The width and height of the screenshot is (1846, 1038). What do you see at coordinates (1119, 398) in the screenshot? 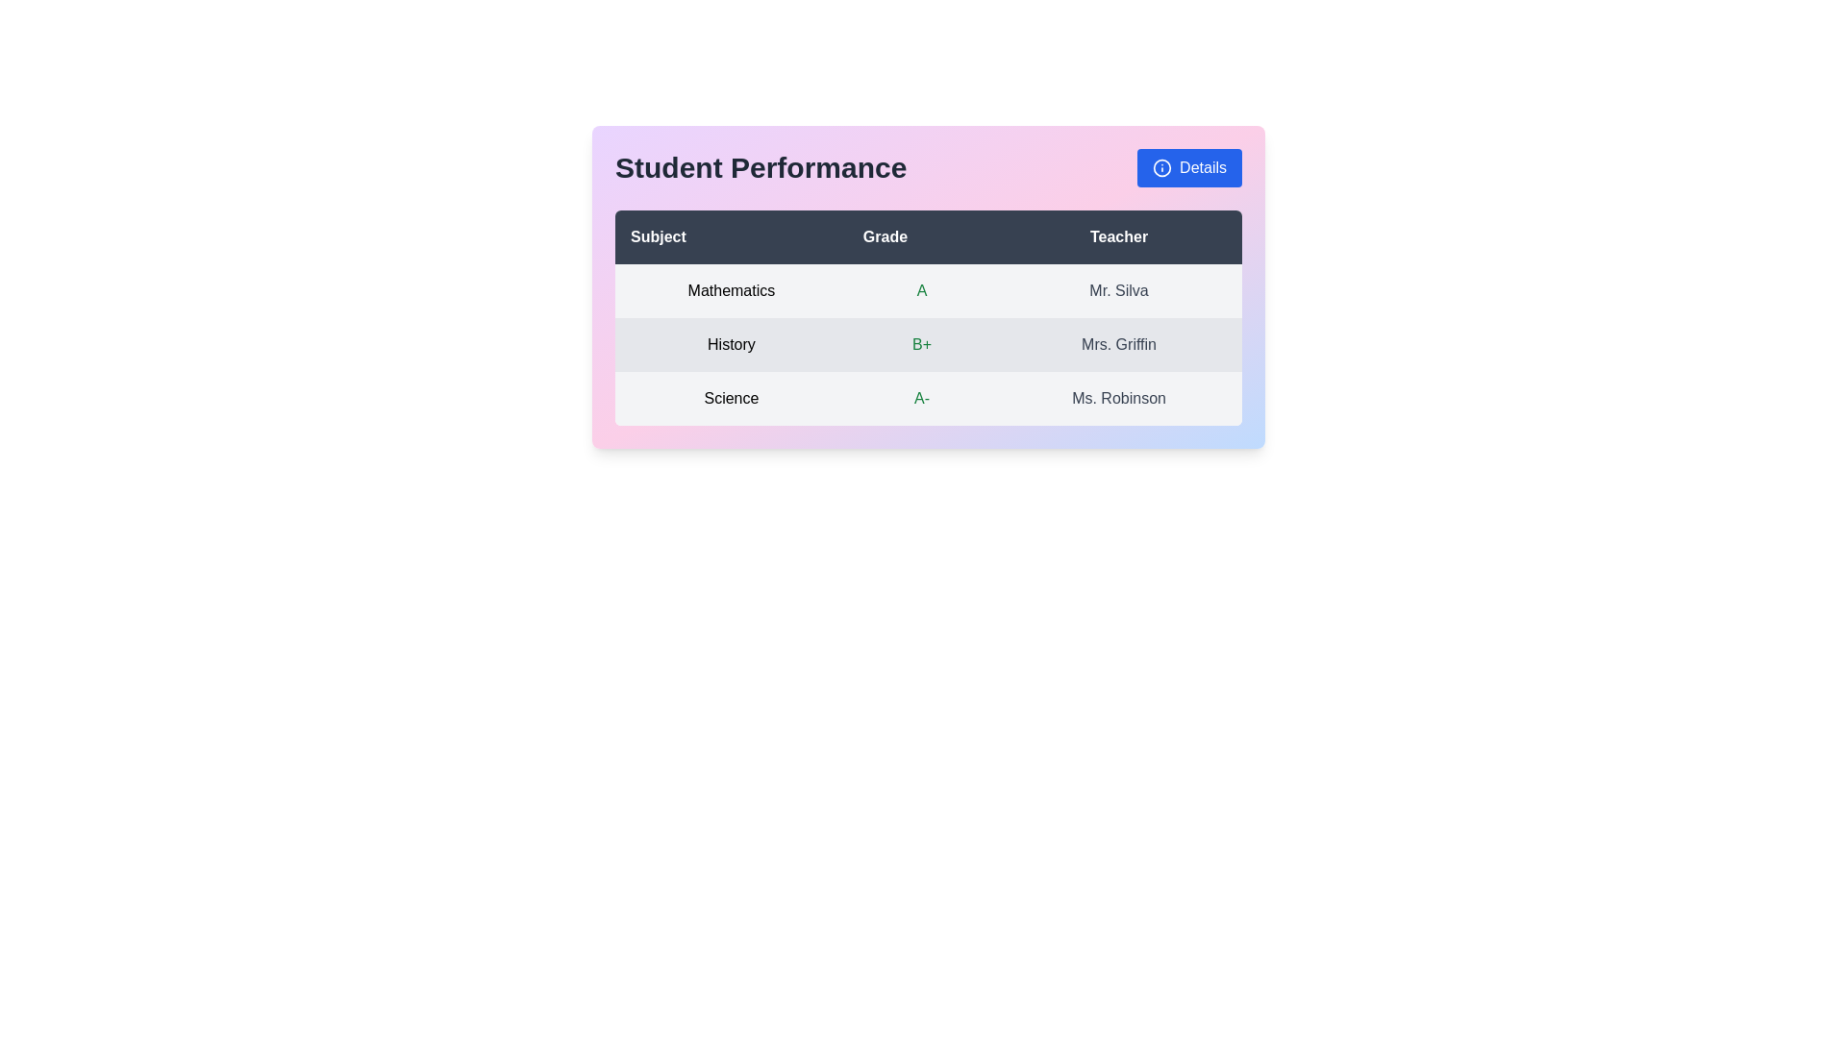
I see `the text label displaying 'Ms. Robinson' in medium gray font, which is located in the third column of the table row labeled 'Teacher'` at bounding box center [1119, 398].